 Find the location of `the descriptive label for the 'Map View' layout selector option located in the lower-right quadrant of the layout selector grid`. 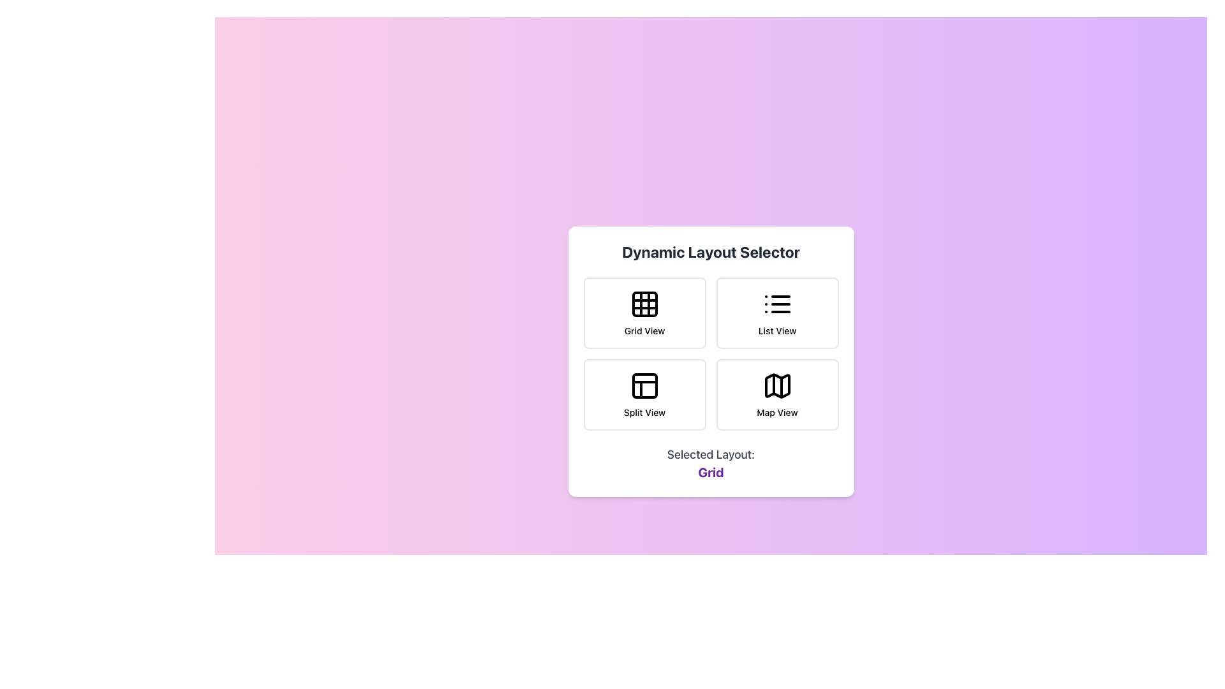

the descriptive label for the 'Map View' layout selector option located in the lower-right quadrant of the layout selector grid is located at coordinates (776, 413).